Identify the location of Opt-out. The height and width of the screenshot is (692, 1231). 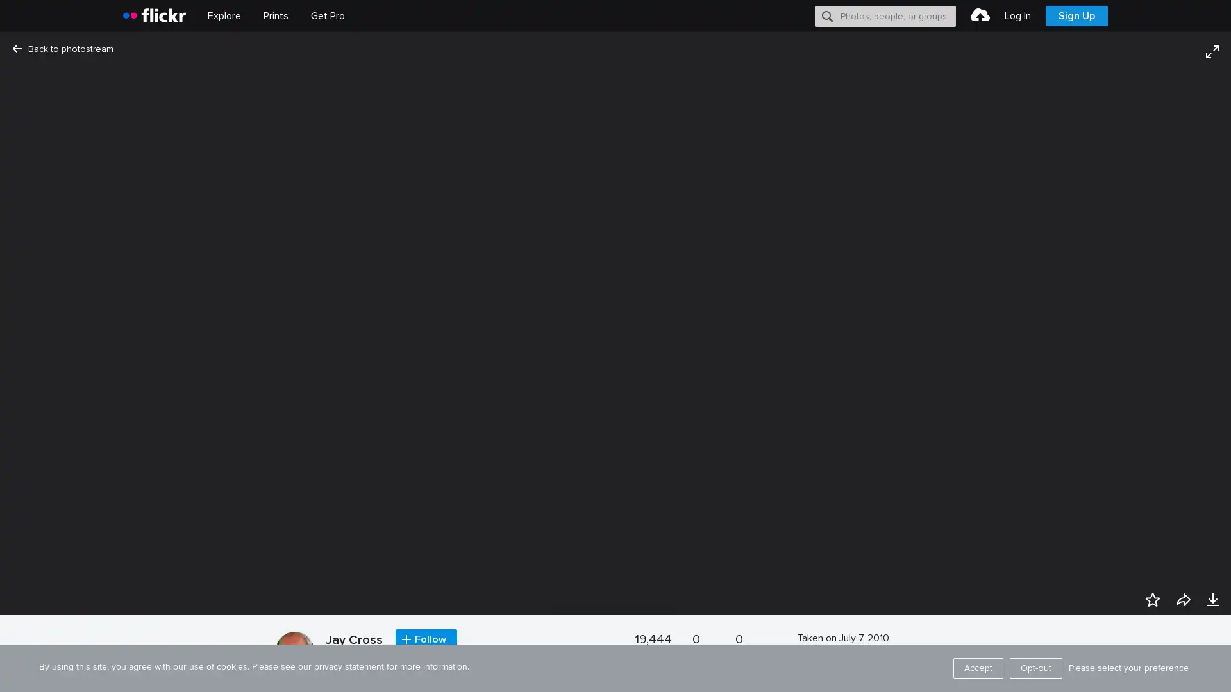
(1036, 667).